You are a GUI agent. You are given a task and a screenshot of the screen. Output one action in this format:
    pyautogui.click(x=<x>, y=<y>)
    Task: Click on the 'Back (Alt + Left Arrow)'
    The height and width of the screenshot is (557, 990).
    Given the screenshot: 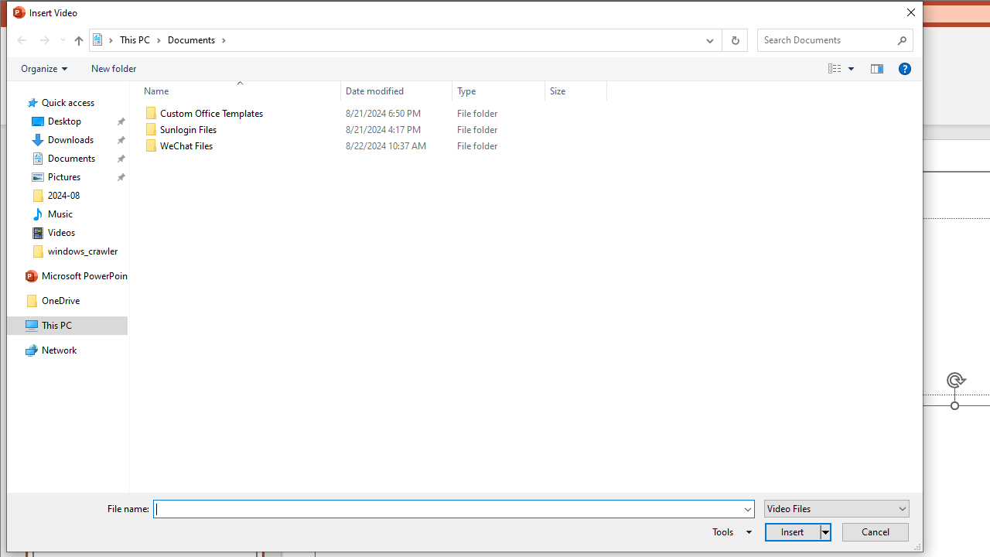 What is the action you would take?
    pyautogui.click(x=22, y=39)
    